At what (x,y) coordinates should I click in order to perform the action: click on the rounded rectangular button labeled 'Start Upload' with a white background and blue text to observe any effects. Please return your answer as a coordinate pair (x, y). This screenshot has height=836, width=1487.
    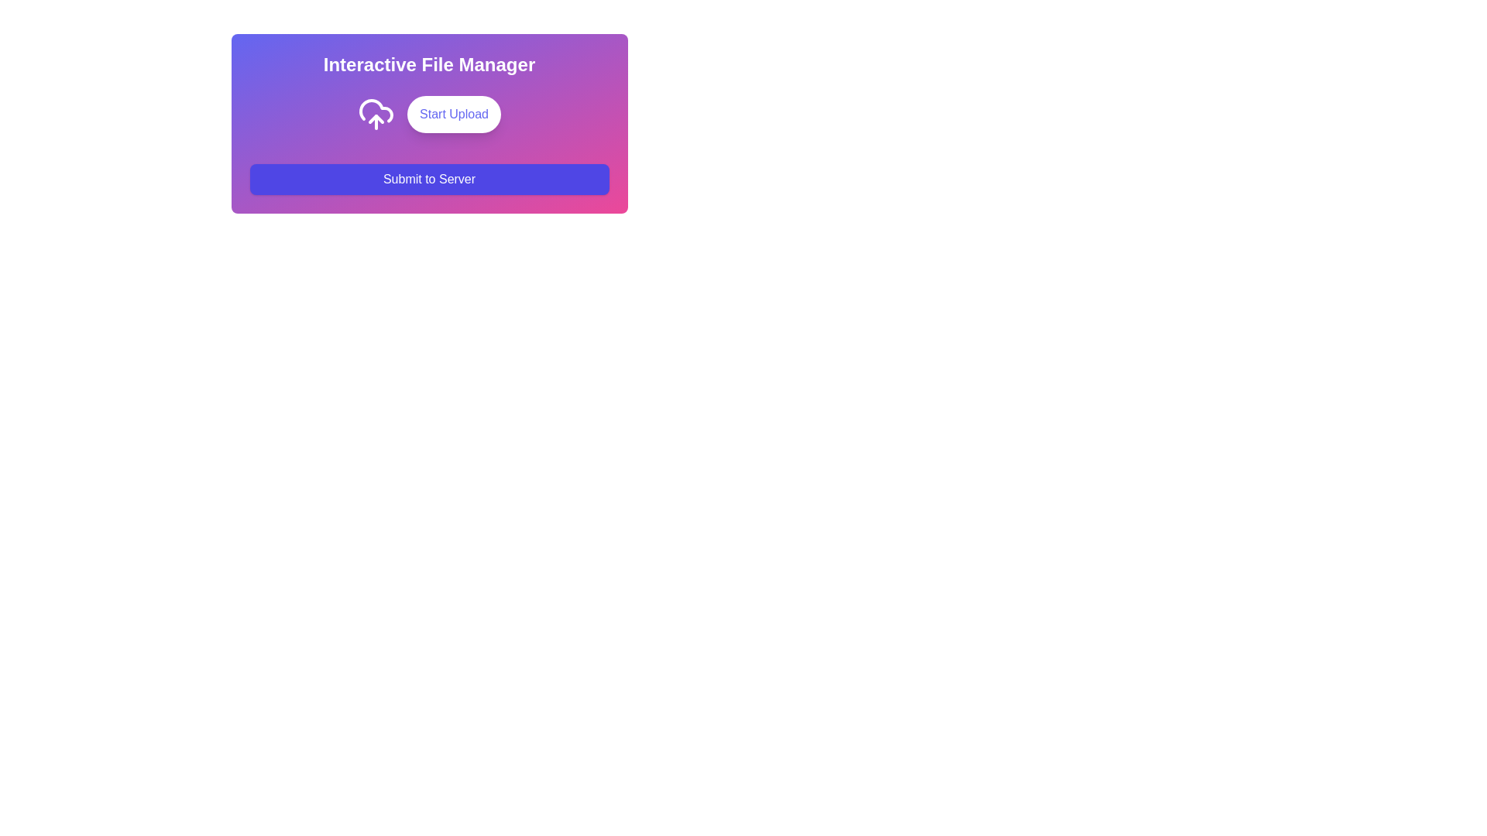
    Looking at the image, I should click on (429, 113).